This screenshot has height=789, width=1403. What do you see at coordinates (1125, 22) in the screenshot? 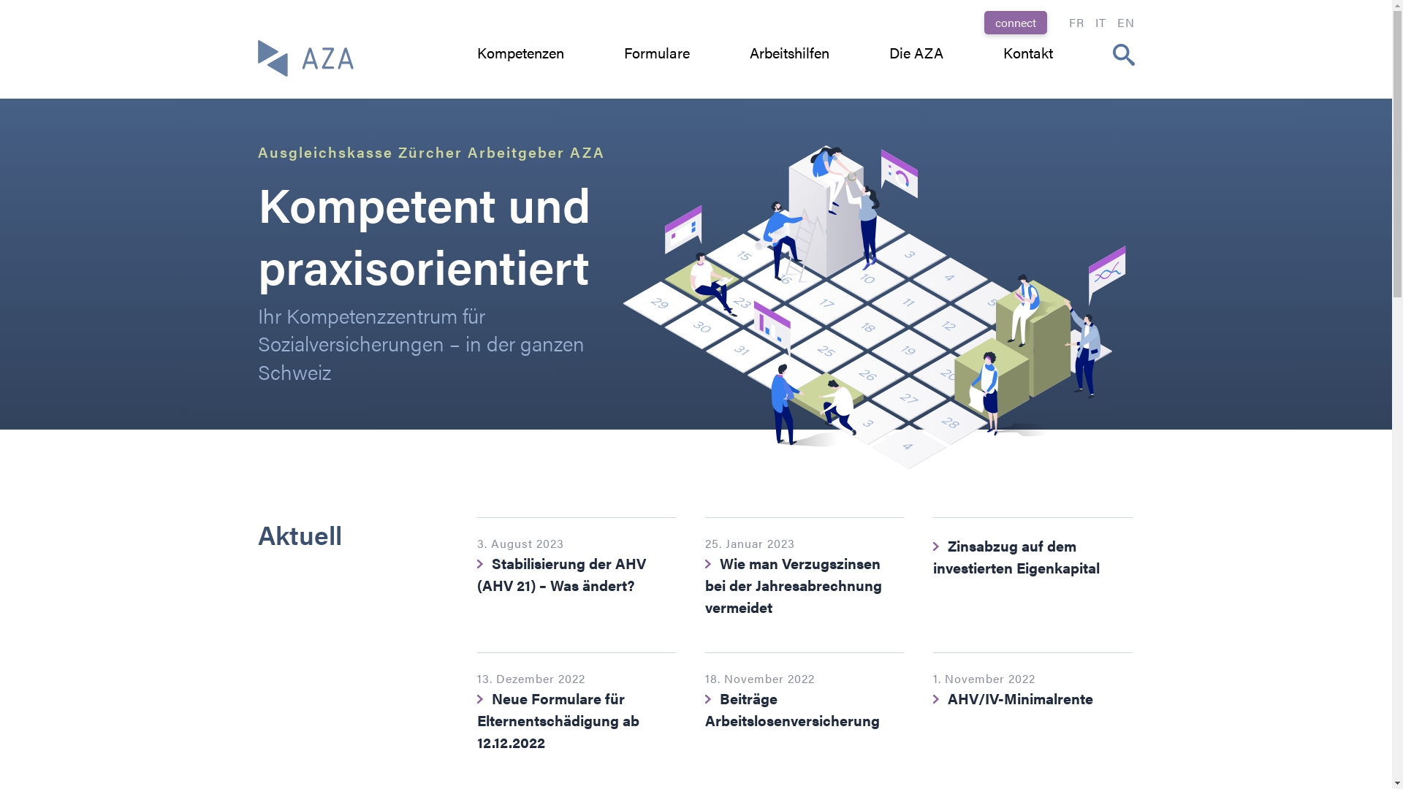
I see `'EN'` at bounding box center [1125, 22].